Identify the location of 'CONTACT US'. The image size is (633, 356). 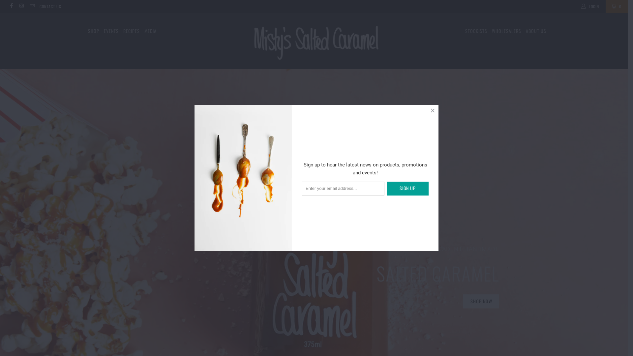
(50, 6).